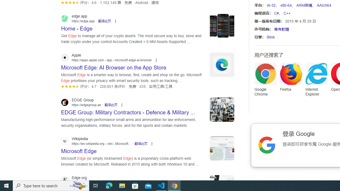 This screenshot has height=191, width=340. What do you see at coordinates (316, 81) in the screenshot?
I see `'Internet Explorer'` at bounding box center [316, 81].